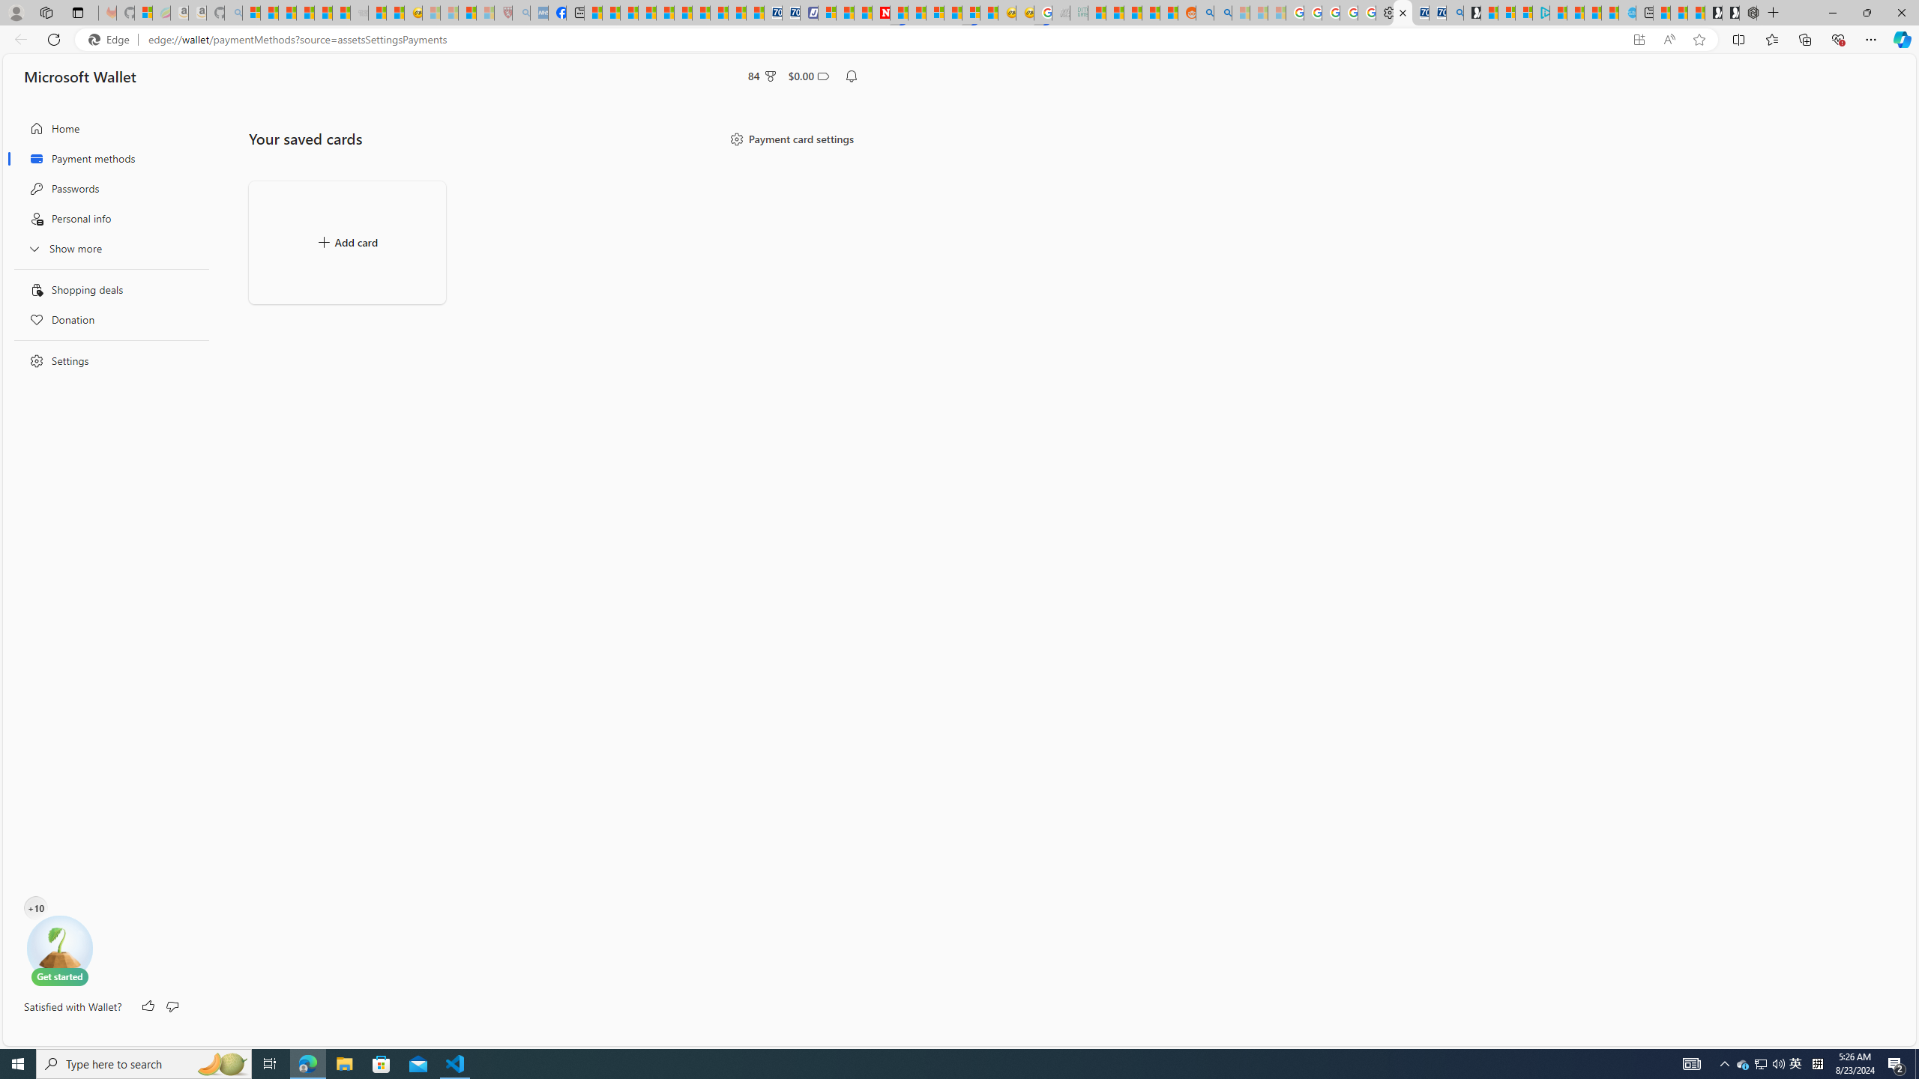  Describe the element at coordinates (324, 12) in the screenshot. I see `'New Report Confirms 2023 Was Record Hot | Watch'` at that location.